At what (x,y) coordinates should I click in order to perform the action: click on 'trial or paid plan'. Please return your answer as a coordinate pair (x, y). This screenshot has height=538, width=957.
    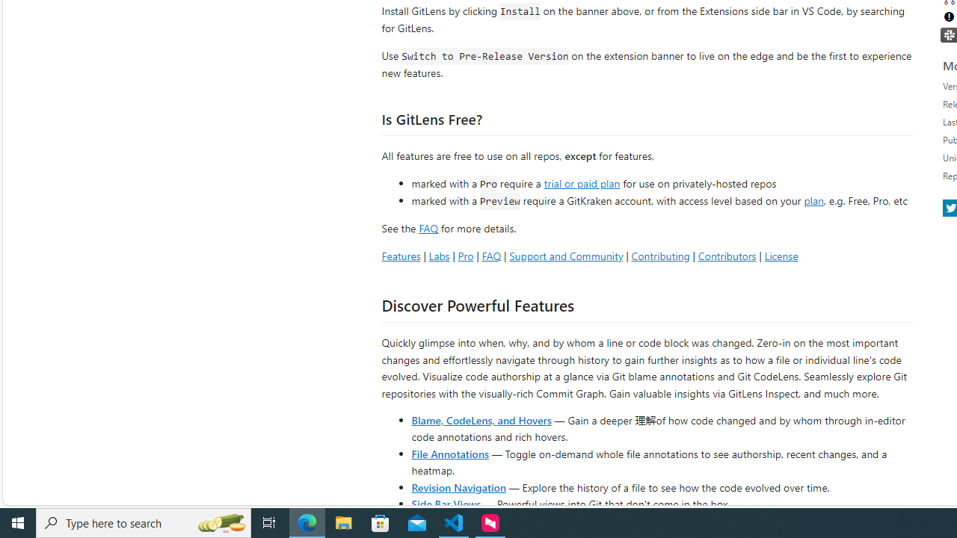
    Looking at the image, I should click on (581, 182).